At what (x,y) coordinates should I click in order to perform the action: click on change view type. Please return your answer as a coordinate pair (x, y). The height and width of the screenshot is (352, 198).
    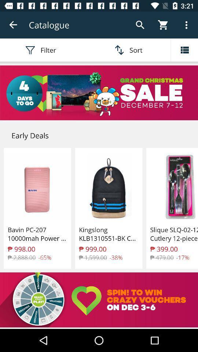
    Looking at the image, I should click on (184, 49).